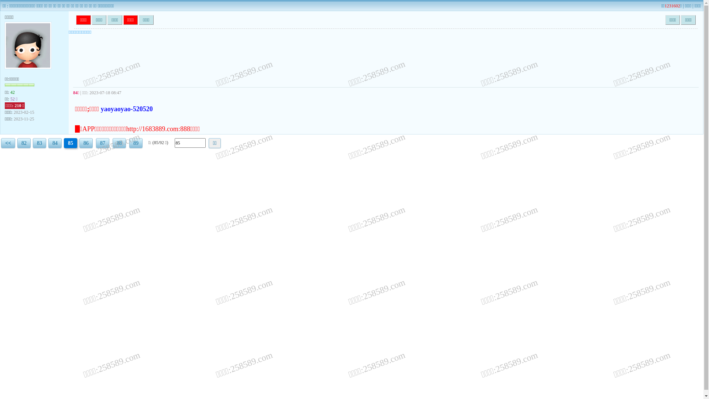 Image resolution: width=709 pixels, height=399 pixels. I want to click on '89', so click(136, 143).